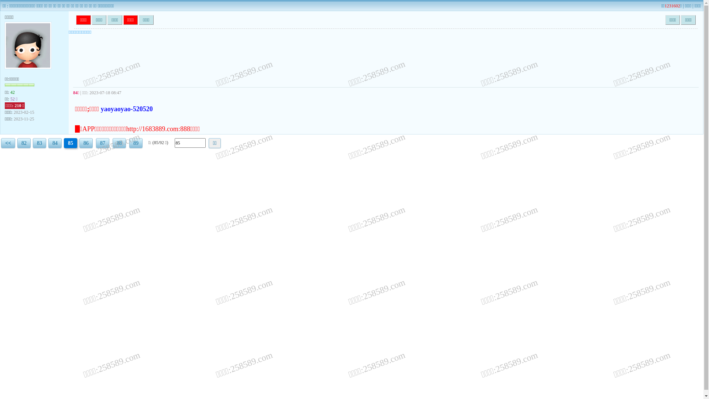 Image resolution: width=709 pixels, height=399 pixels. I want to click on '89', so click(136, 143).